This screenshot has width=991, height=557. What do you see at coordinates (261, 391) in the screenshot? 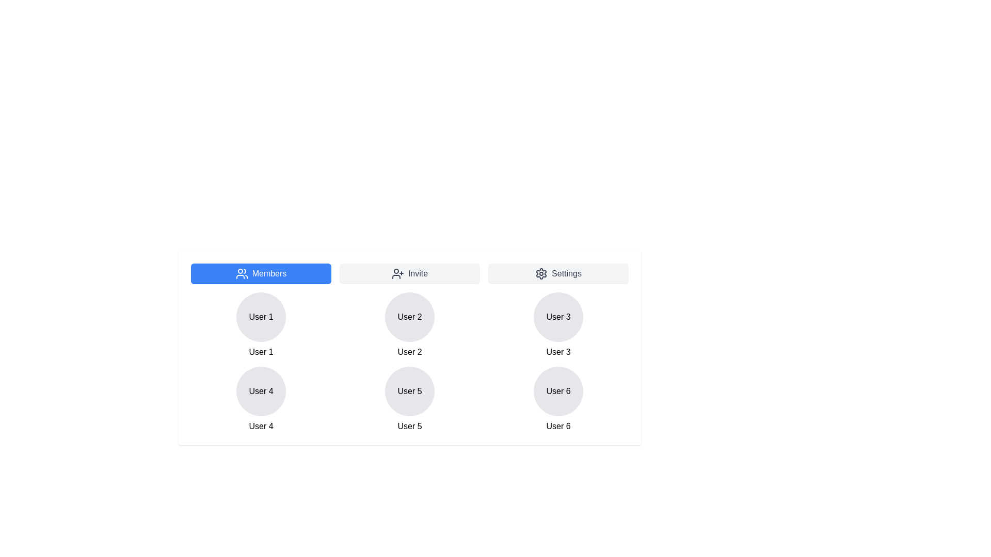
I see `the Profile icon or avatar representing 'User 4'` at bounding box center [261, 391].